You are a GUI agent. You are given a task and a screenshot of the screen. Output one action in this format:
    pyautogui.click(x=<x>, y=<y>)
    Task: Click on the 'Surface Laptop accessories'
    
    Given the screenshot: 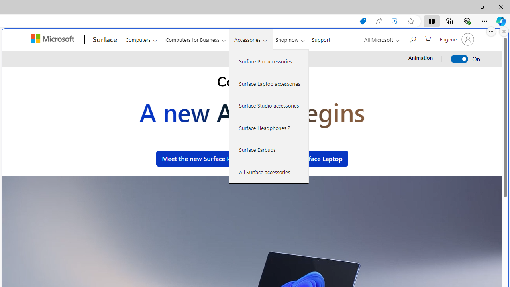 What is the action you would take?
    pyautogui.click(x=269, y=83)
    